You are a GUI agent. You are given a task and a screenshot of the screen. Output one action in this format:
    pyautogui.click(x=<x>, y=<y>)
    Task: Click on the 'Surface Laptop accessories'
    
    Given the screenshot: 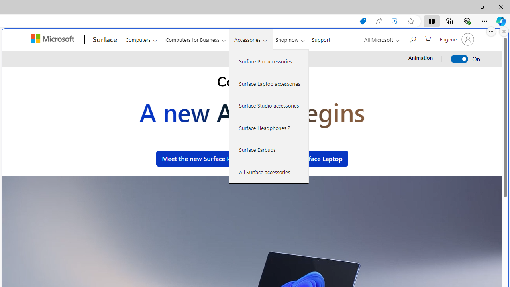 What is the action you would take?
    pyautogui.click(x=269, y=83)
    